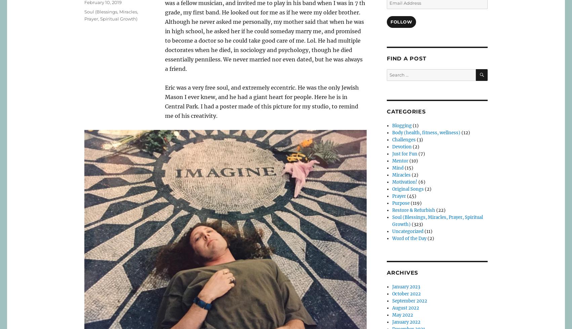 The height and width of the screenshot is (329, 572). Describe the element at coordinates (408, 161) in the screenshot. I see `'(10)'` at that location.